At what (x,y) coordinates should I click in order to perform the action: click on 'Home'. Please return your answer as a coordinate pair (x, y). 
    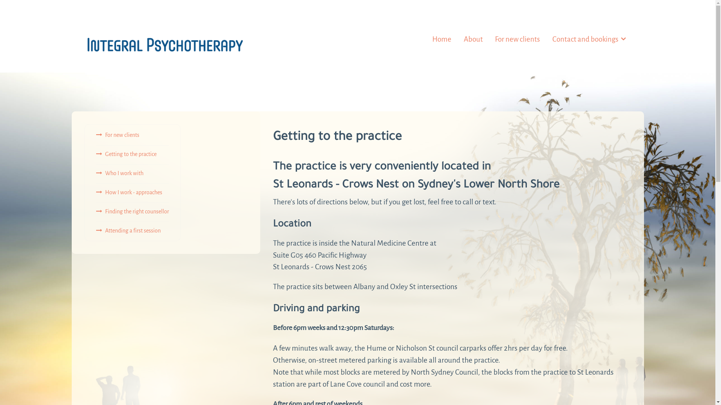
    Looking at the image, I should click on (442, 39).